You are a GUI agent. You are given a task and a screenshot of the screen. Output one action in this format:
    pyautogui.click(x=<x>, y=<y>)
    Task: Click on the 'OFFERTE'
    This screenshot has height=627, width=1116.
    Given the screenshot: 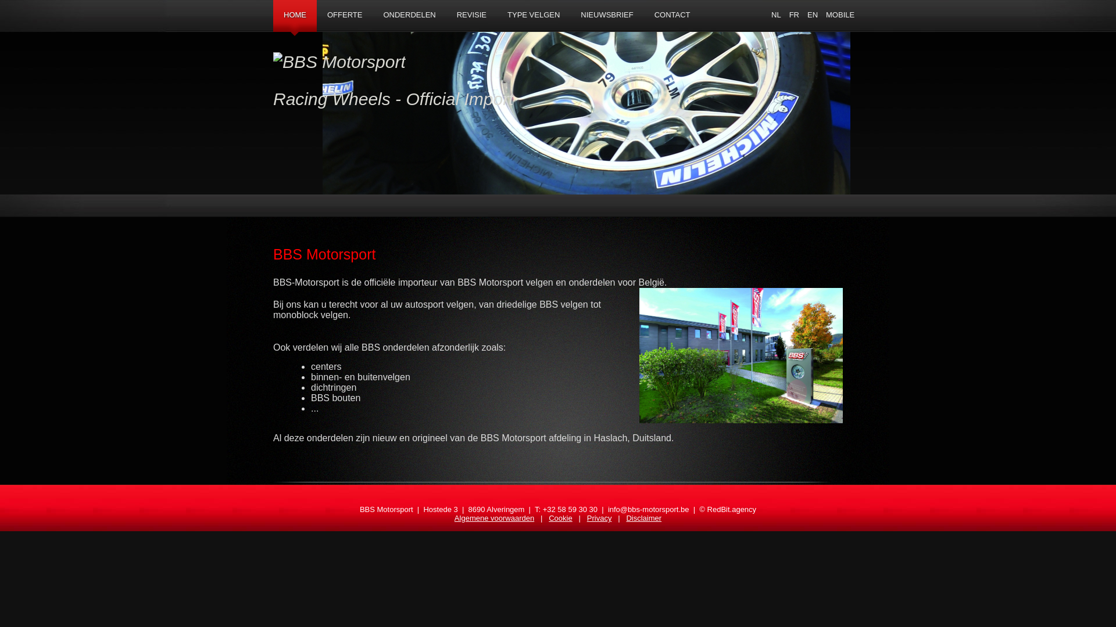 What is the action you would take?
    pyautogui.click(x=344, y=15)
    